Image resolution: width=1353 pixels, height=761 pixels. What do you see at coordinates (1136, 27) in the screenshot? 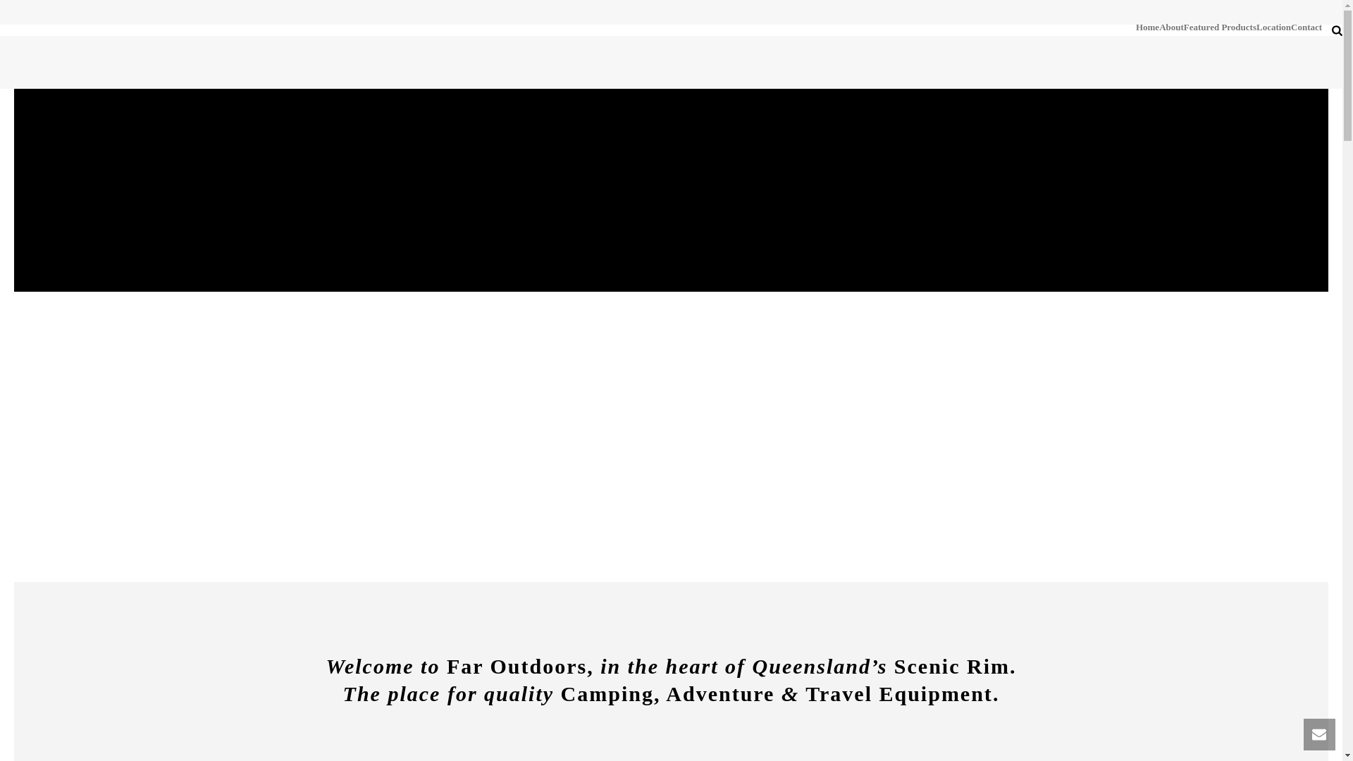
I see `'Home'` at bounding box center [1136, 27].